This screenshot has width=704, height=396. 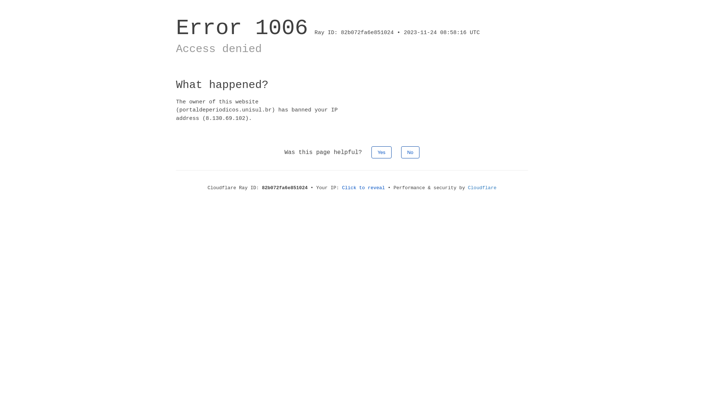 What do you see at coordinates (341, 187) in the screenshot?
I see `'Click to reveal'` at bounding box center [341, 187].